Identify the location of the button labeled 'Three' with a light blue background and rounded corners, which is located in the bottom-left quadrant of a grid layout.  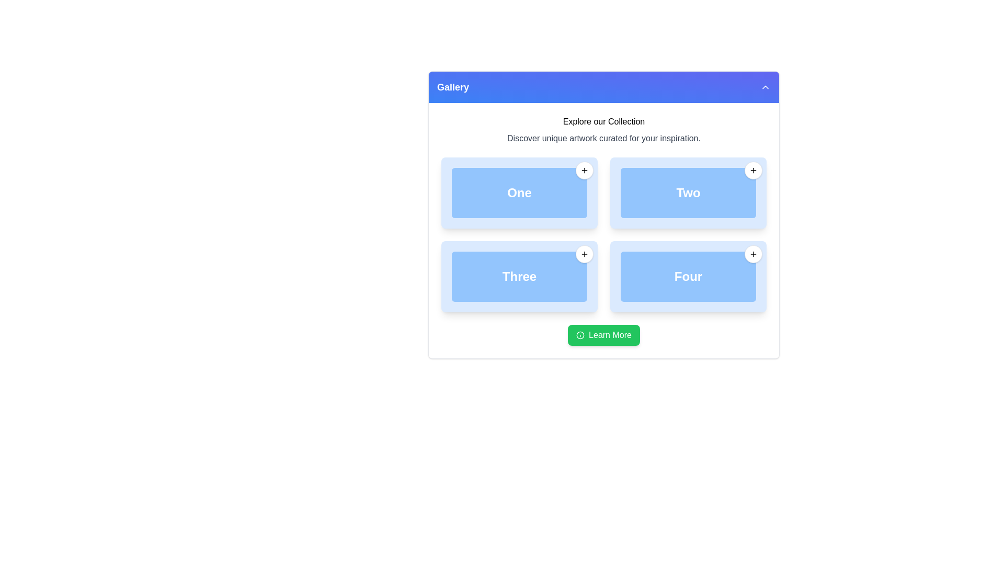
(519, 276).